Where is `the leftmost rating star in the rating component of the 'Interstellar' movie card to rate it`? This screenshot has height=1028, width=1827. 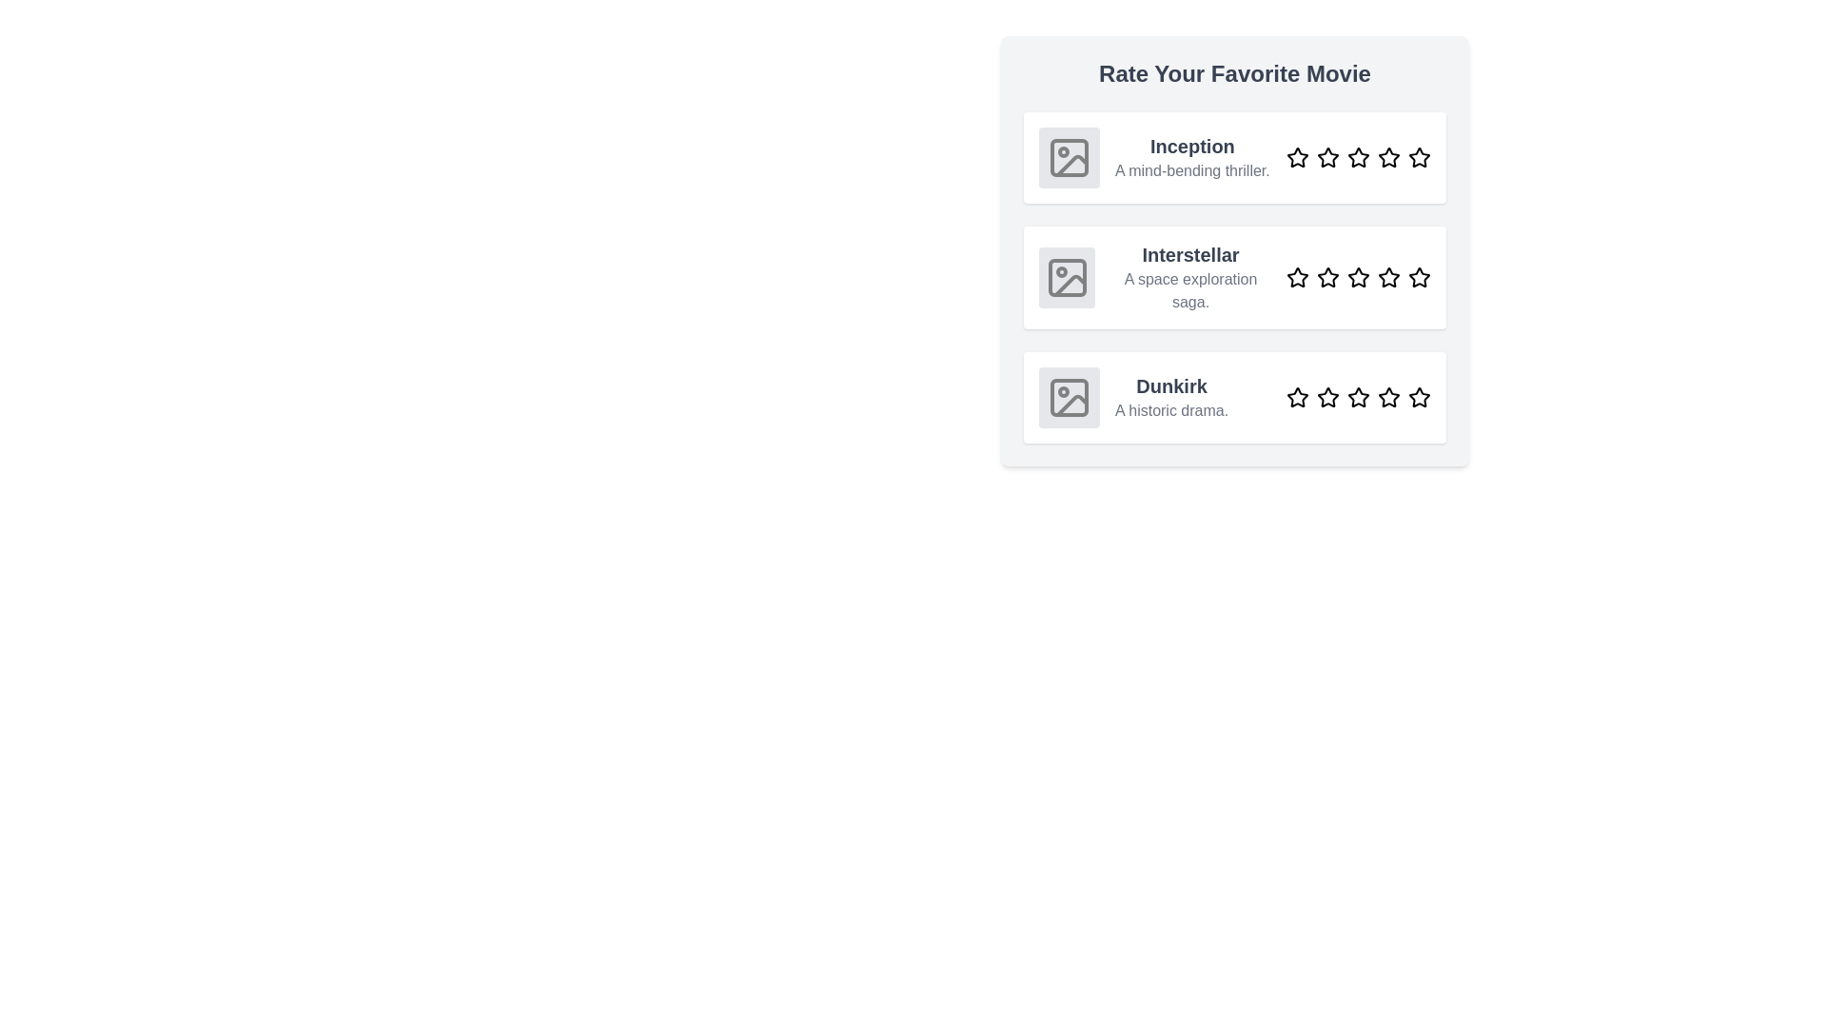
the leftmost rating star in the rating component of the 'Interstellar' movie card to rate it is located at coordinates (1296, 278).